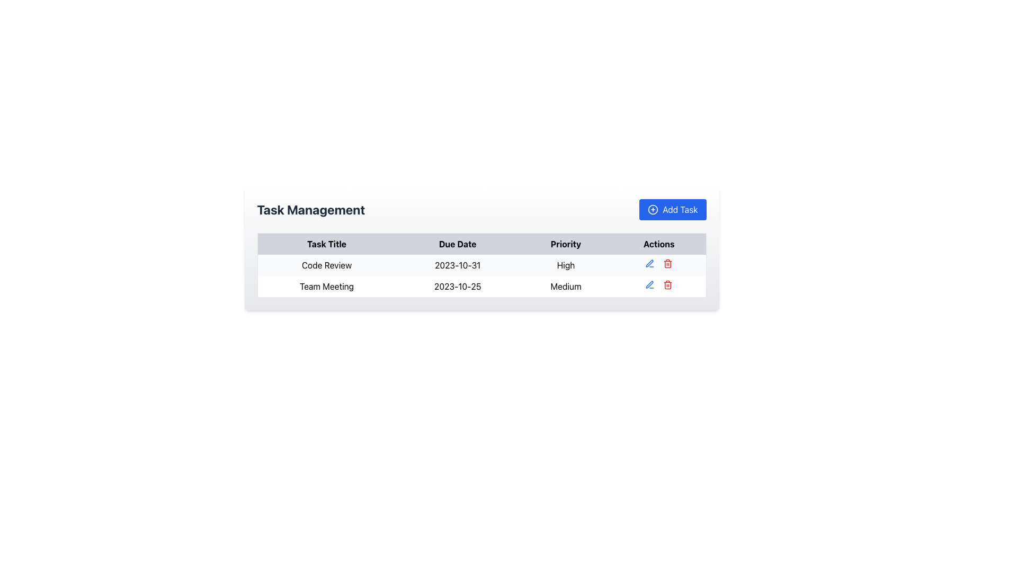 The height and width of the screenshot is (572, 1017). Describe the element at coordinates (326, 265) in the screenshot. I see `the Text Label displaying 'Code Review' which is located in the first row of the table under the 'Task Title' column` at that location.